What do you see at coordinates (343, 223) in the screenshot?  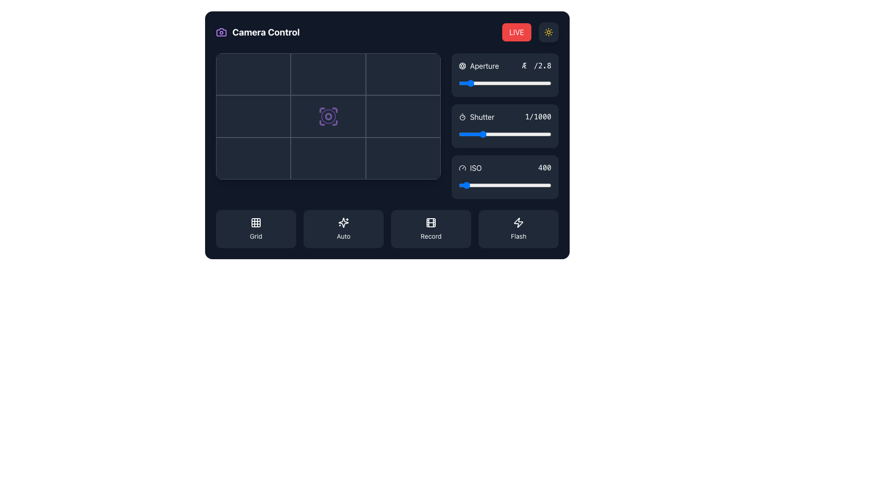 I see `the 'Auto' button represented by the star icon at the bottom center of the interface` at bounding box center [343, 223].